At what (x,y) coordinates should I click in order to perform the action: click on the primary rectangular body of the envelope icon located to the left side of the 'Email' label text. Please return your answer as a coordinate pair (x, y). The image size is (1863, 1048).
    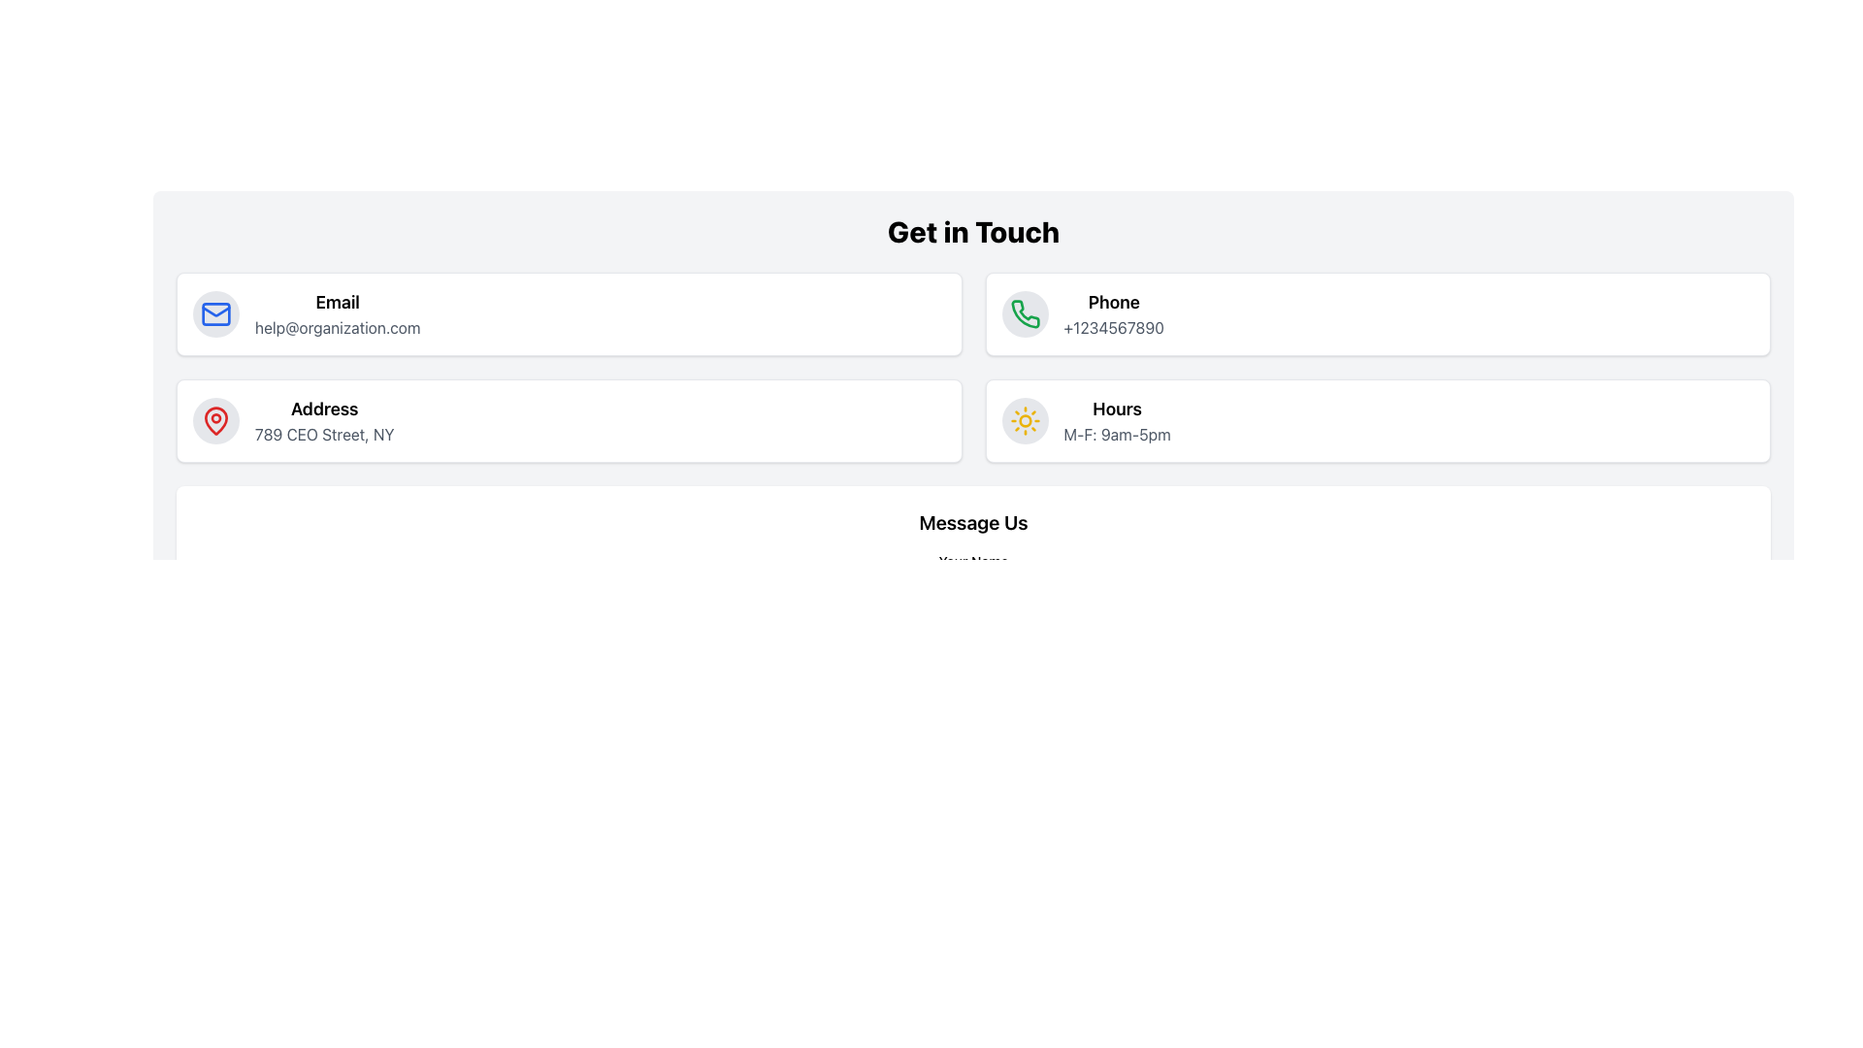
    Looking at the image, I should click on (215, 313).